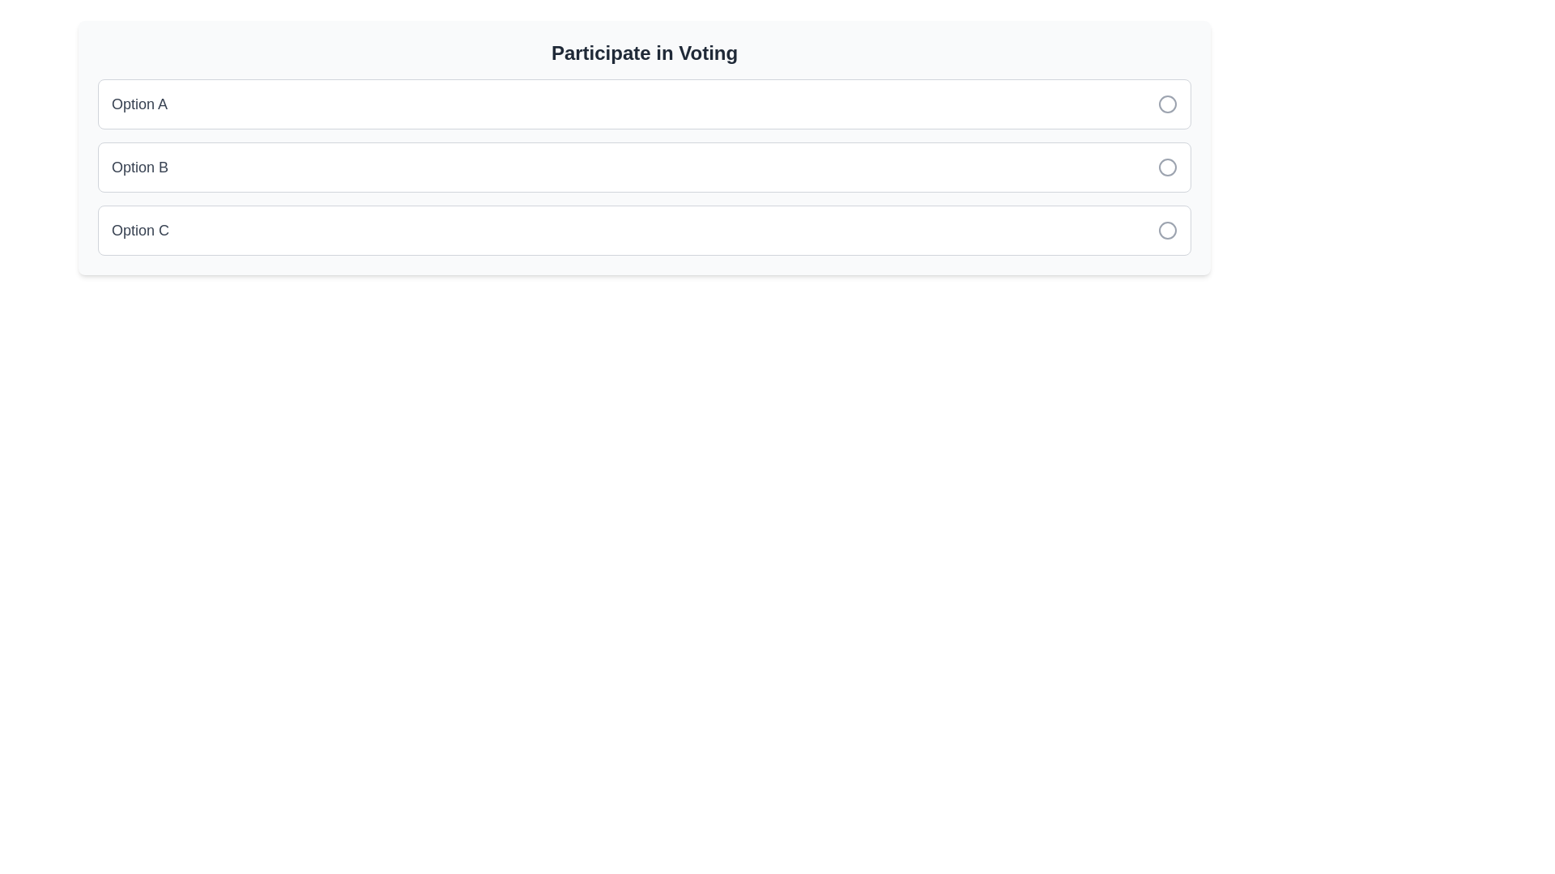  Describe the element at coordinates (1167, 231) in the screenshot. I see `the SVG icon styled as a circular outline with a grey border located at the far right end of the row labeled 'Option C'` at that location.